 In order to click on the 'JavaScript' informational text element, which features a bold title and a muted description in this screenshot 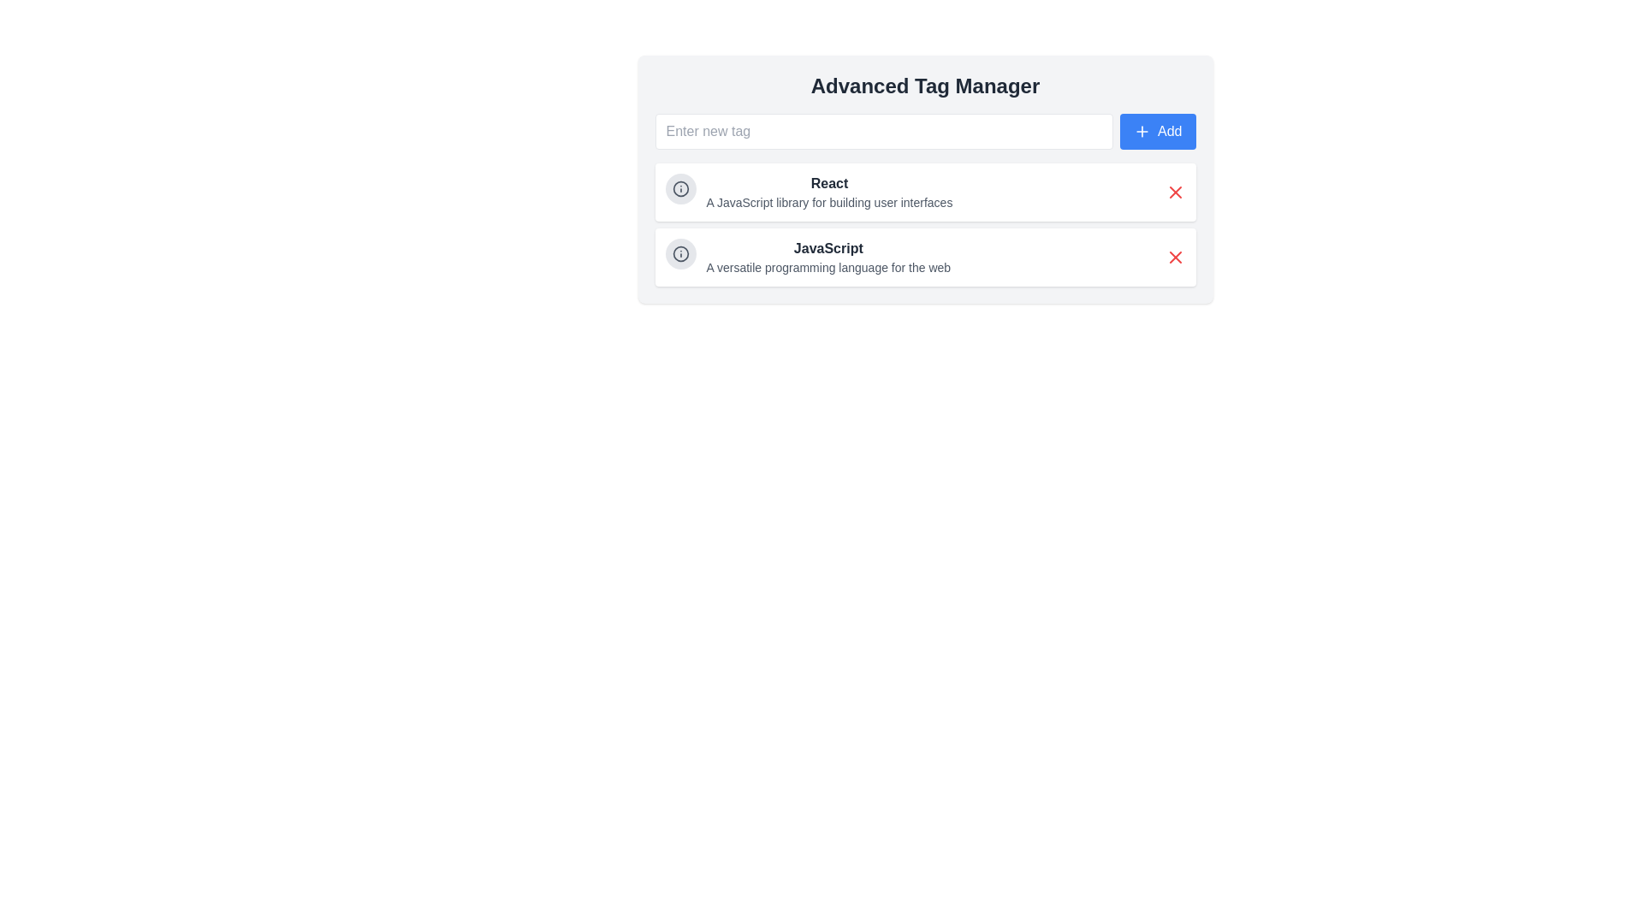, I will do `click(828, 257)`.